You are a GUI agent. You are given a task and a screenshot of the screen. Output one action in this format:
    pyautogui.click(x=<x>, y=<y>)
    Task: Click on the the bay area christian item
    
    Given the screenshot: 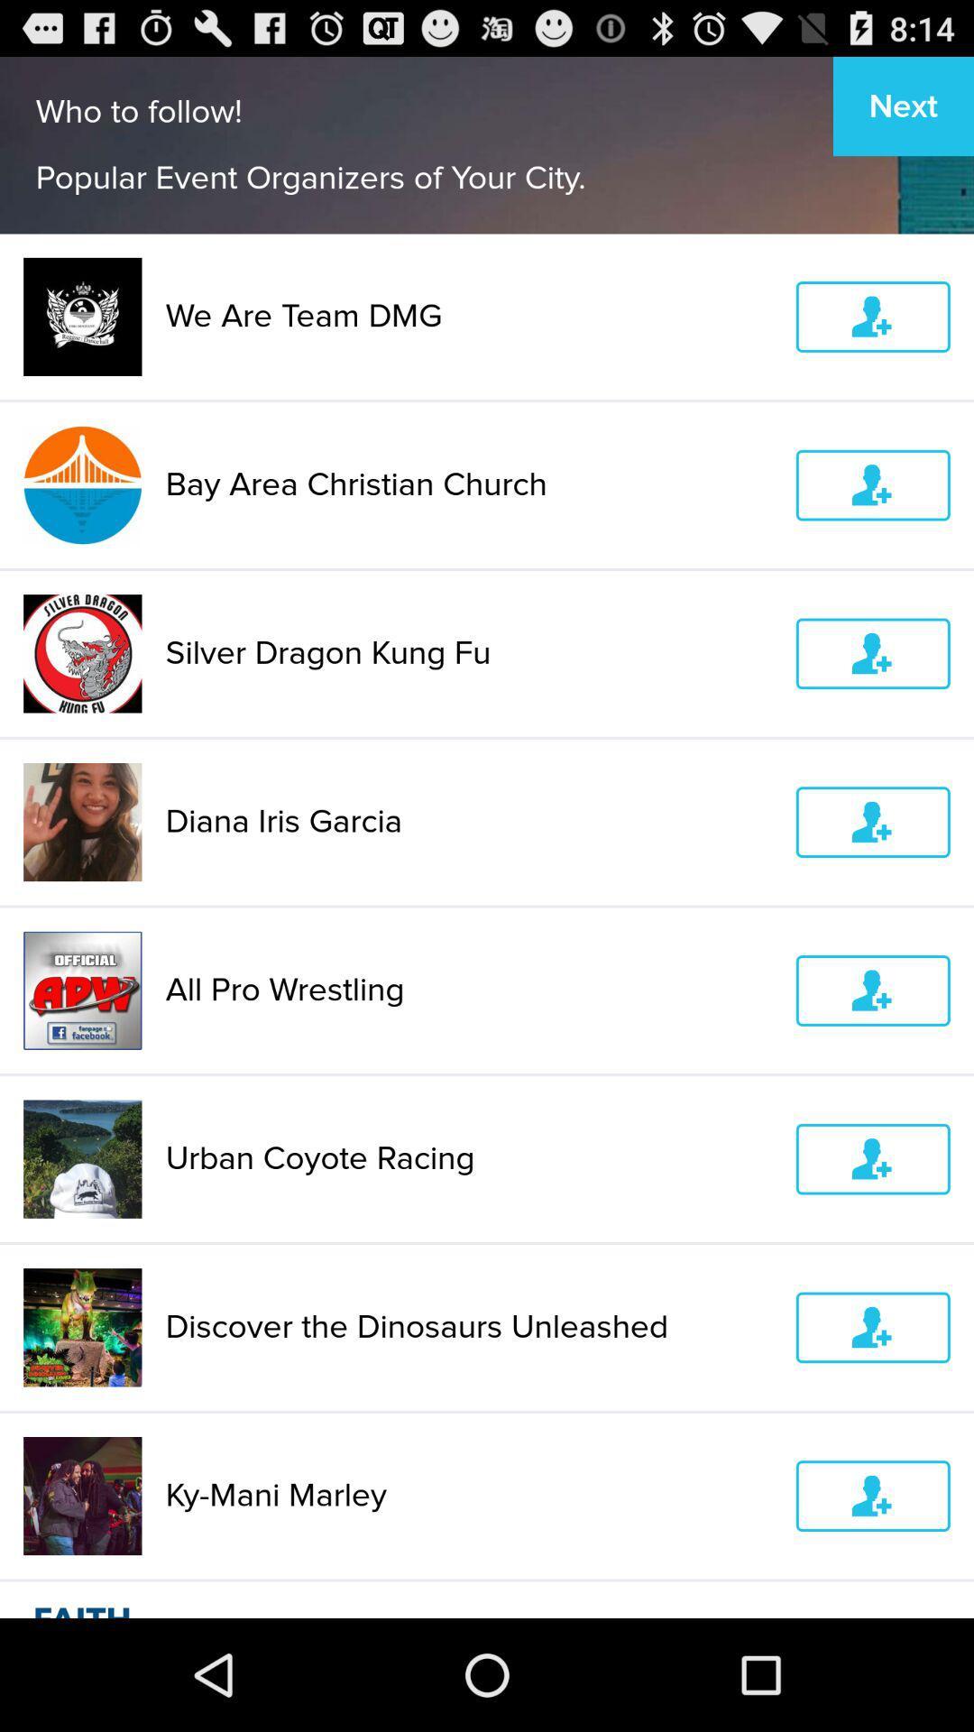 What is the action you would take?
    pyautogui.click(x=468, y=484)
    